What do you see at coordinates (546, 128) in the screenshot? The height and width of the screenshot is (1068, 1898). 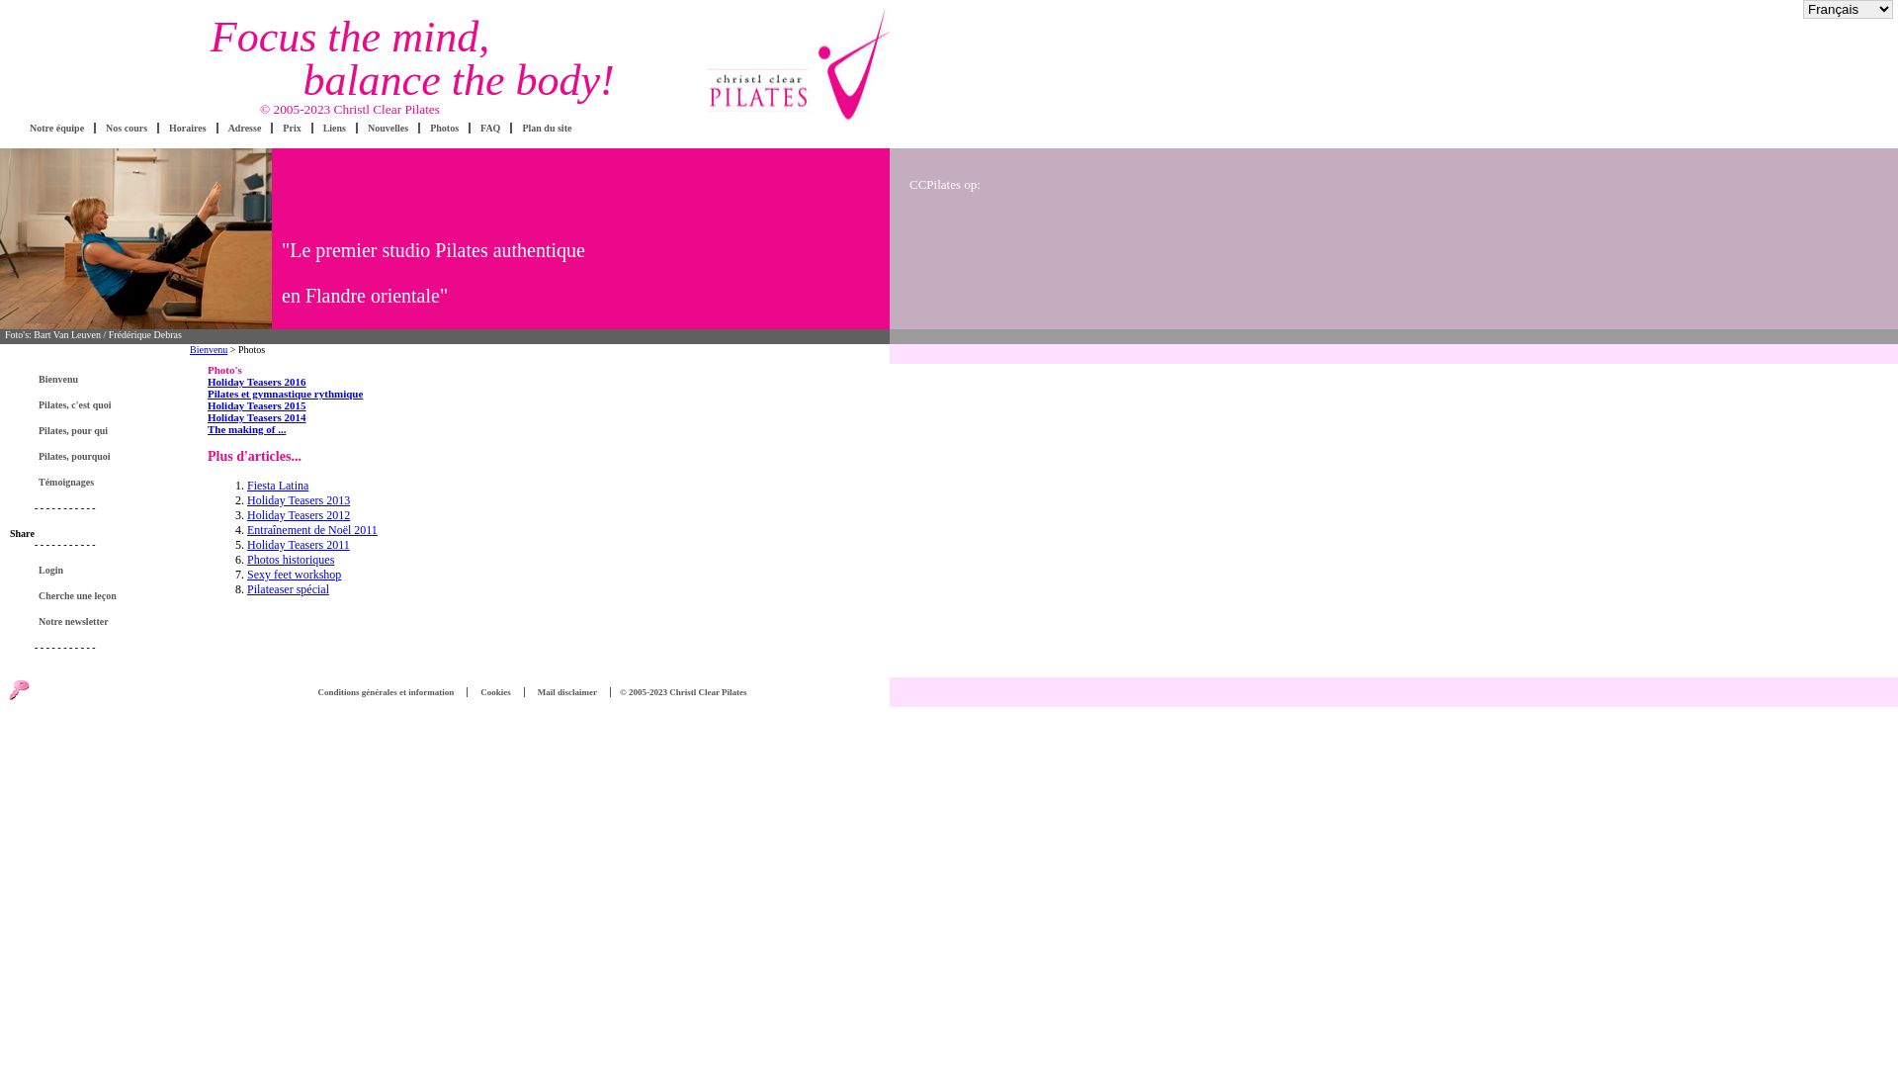 I see `'Plan du site'` at bounding box center [546, 128].